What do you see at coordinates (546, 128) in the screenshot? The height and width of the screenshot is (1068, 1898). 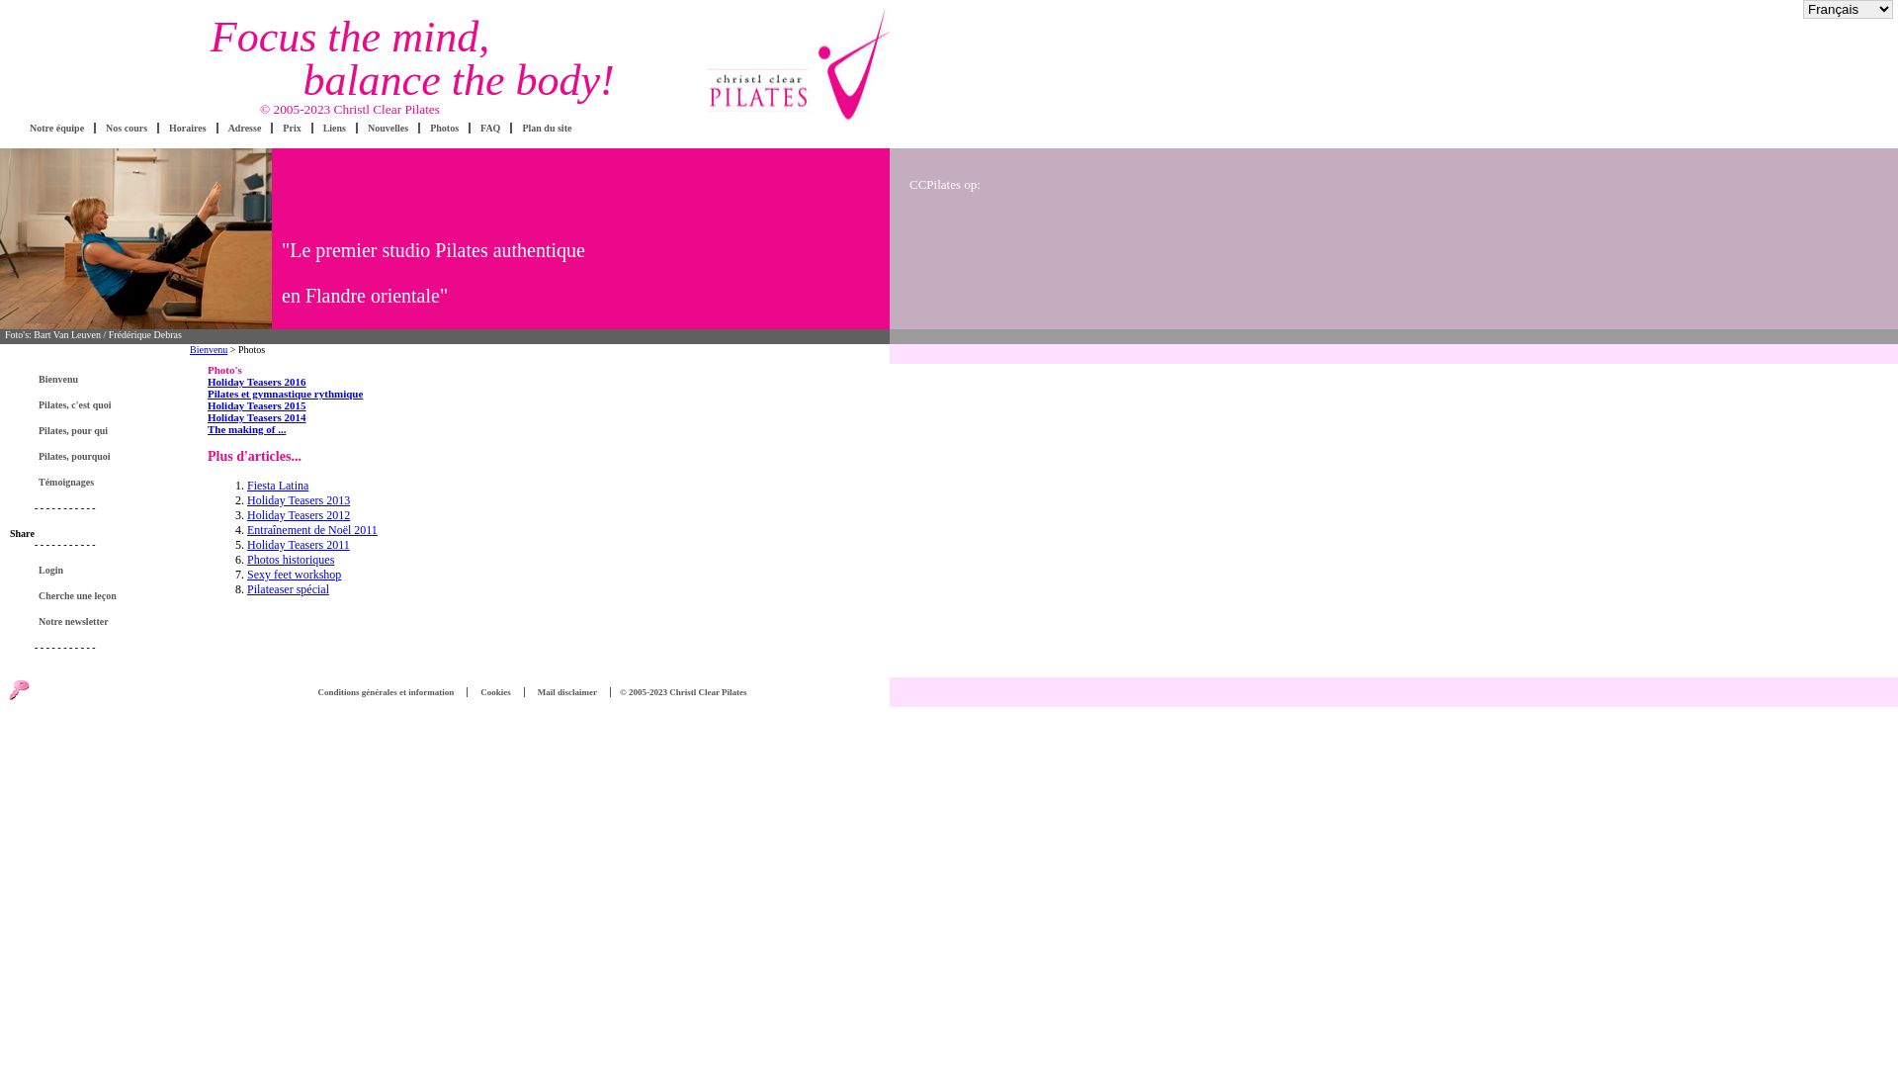 I see `'Plan du site'` at bounding box center [546, 128].